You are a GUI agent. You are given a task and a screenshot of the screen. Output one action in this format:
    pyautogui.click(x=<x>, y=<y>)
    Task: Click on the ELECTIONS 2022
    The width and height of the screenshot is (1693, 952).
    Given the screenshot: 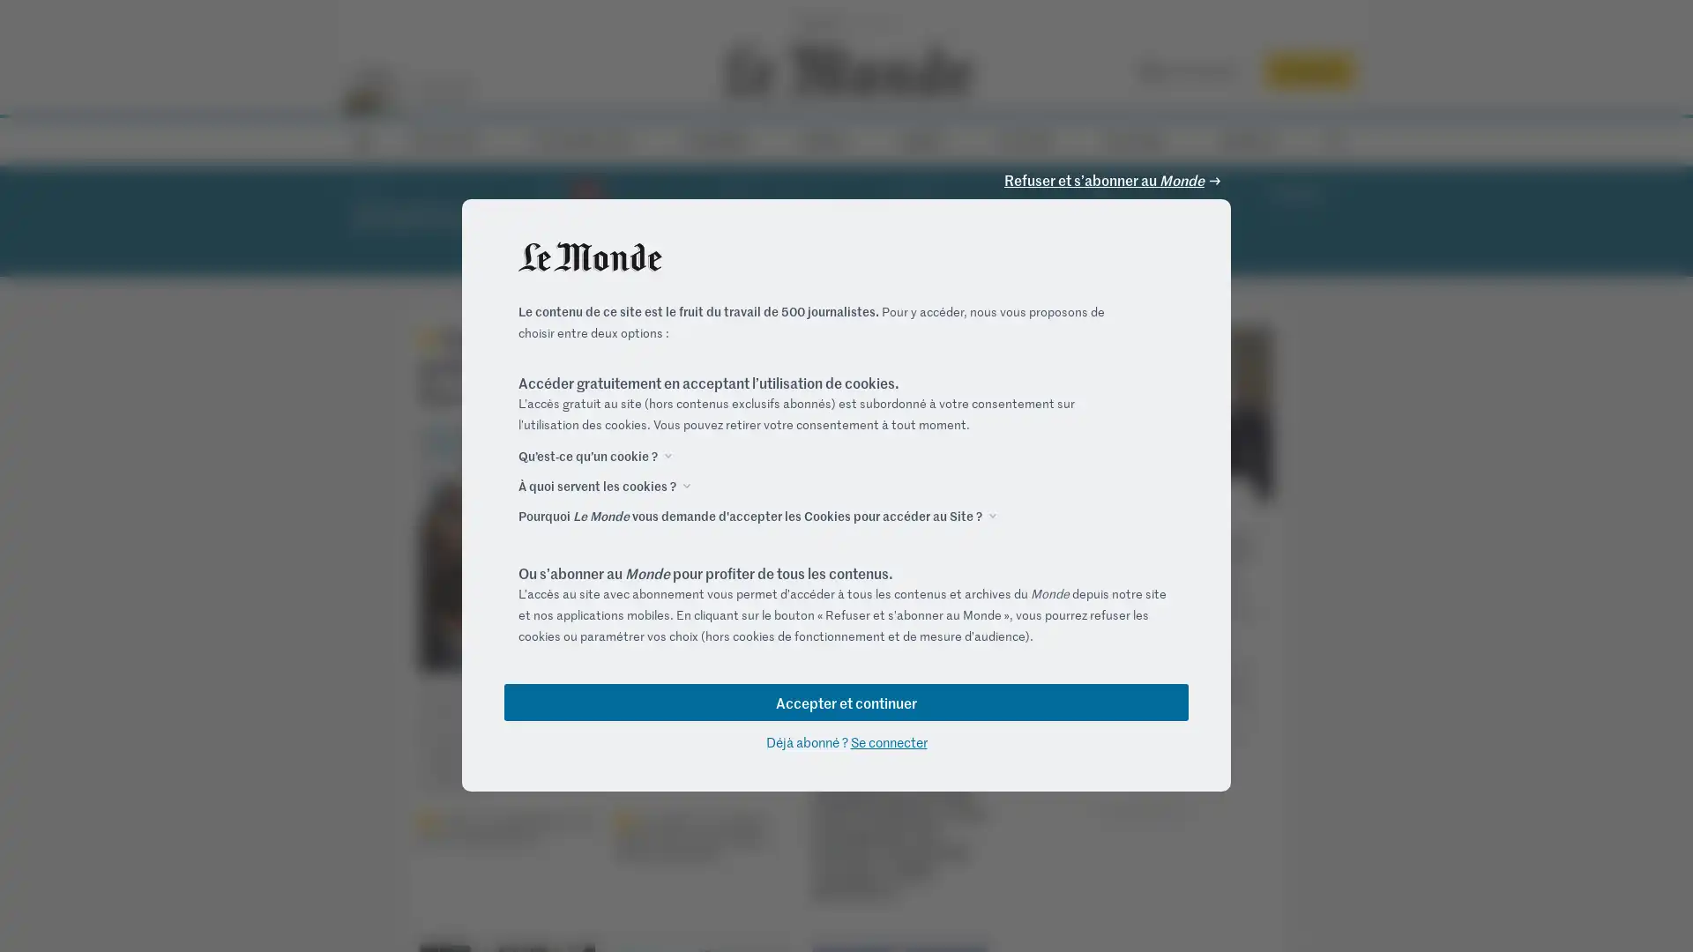 What is the action you would take?
    pyautogui.click(x=590, y=139)
    